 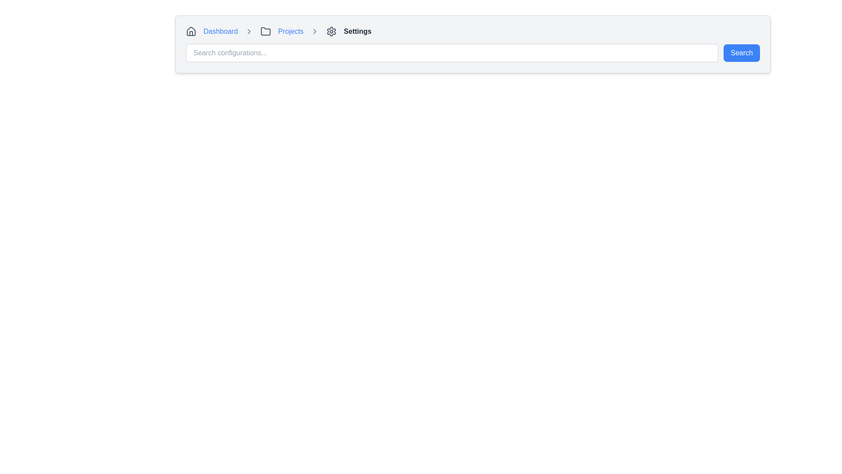 What do you see at coordinates (191, 31) in the screenshot?
I see `the house-shaped icon at the beginning of the breadcrumb navigation bar` at bounding box center [191, 31].